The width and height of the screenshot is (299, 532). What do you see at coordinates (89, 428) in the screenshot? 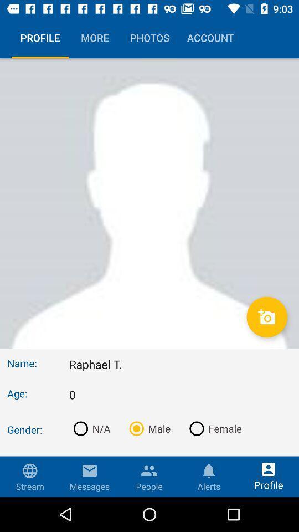
I see `n/a icon` at bounding box center [89, 428].